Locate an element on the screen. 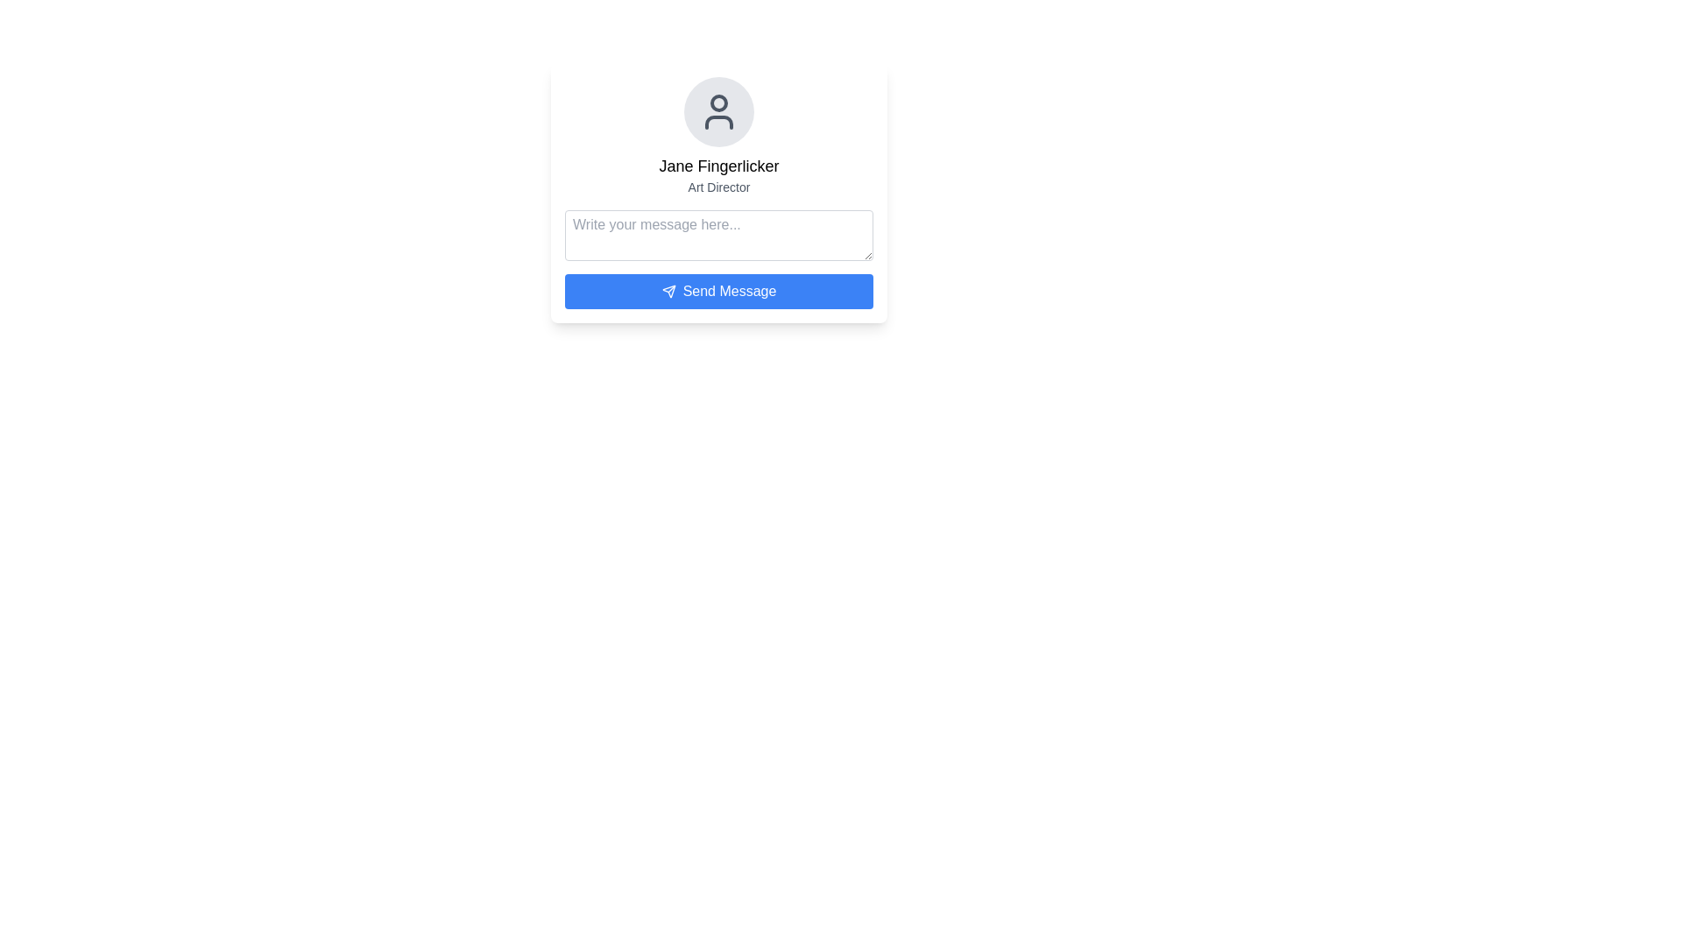 This screenshot has width=1682, height=946. the small triangular 'send' icon located on the left side of the text within the 'Send Message' button, which has a white outline on a blue background is located at coordinates (668, 290).